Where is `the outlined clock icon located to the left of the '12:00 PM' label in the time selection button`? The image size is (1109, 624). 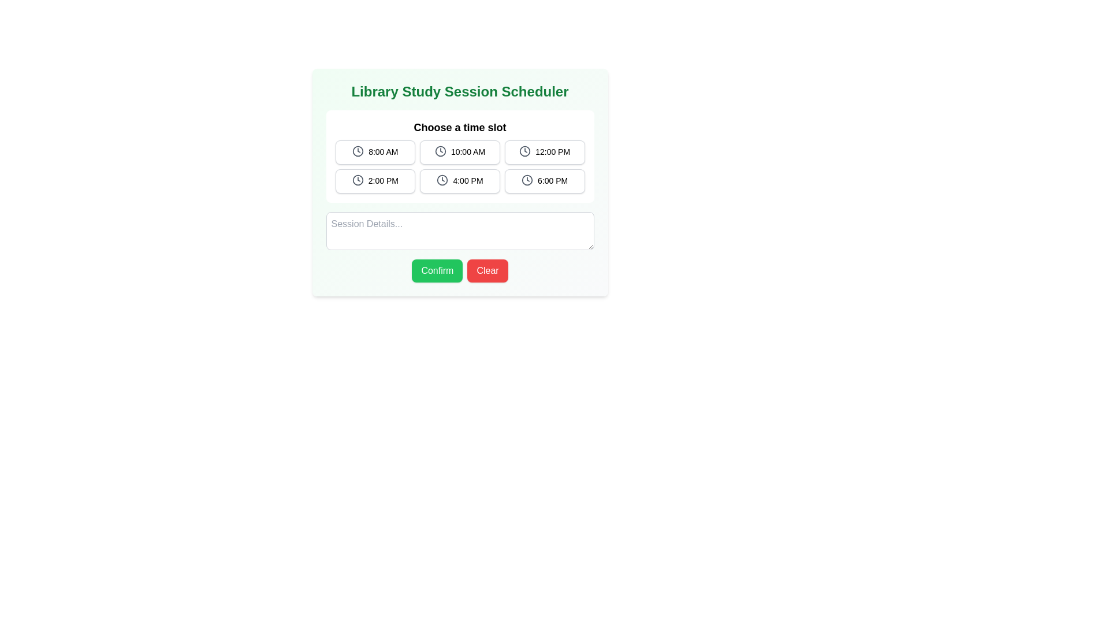
the outlined clock icon located to the left of the '12:00 PM' label in the time selection button is located at coordinates (524, 151).